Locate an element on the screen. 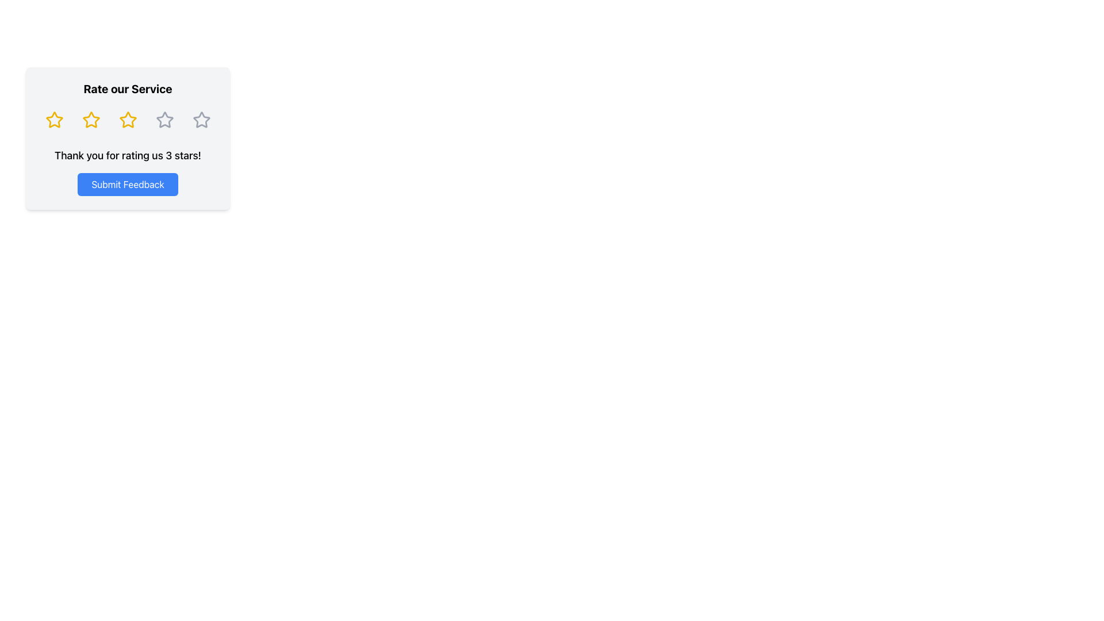  the first star icon in the rating widget, which is styled with a yellow outline and transparent interior is located at coordinates (53, 120).